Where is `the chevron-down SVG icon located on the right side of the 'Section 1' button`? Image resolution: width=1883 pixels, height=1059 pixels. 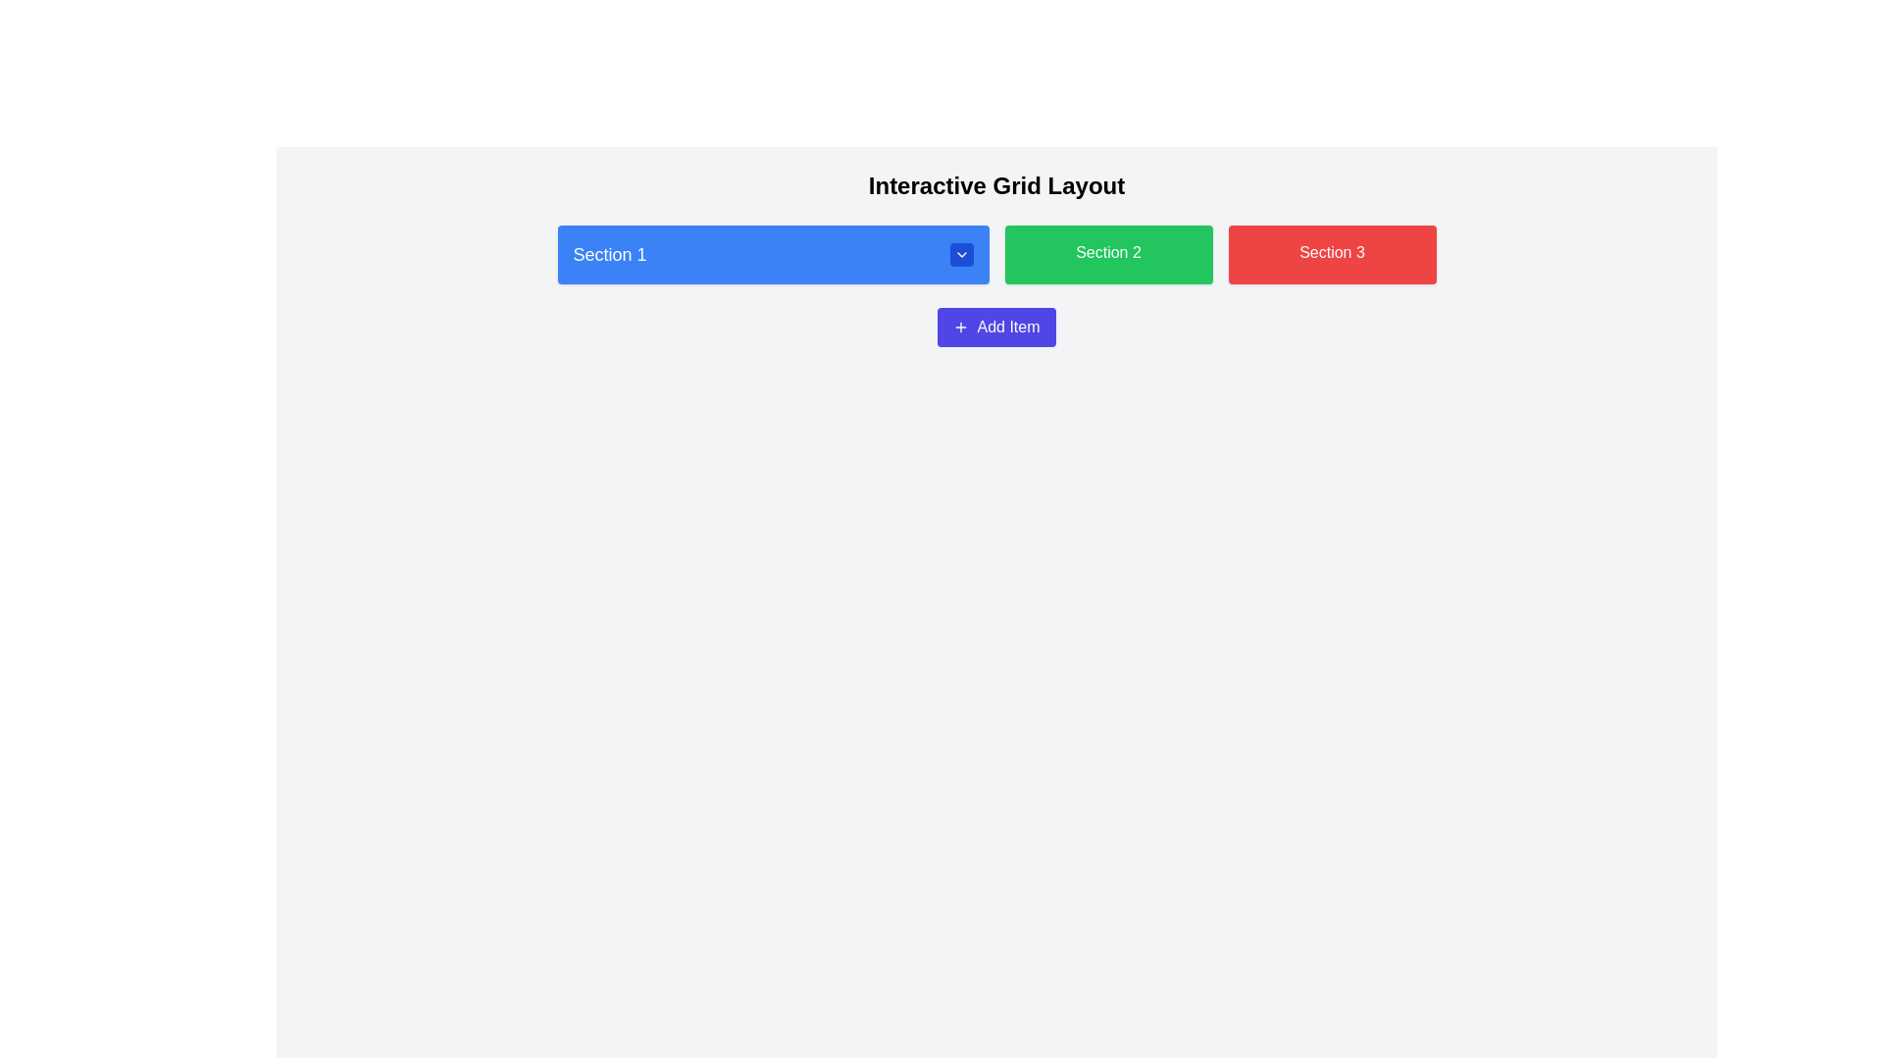 the chevron-down SVG icon located on the right side of the 'Section 1' button is located at coordinates (961, 253).